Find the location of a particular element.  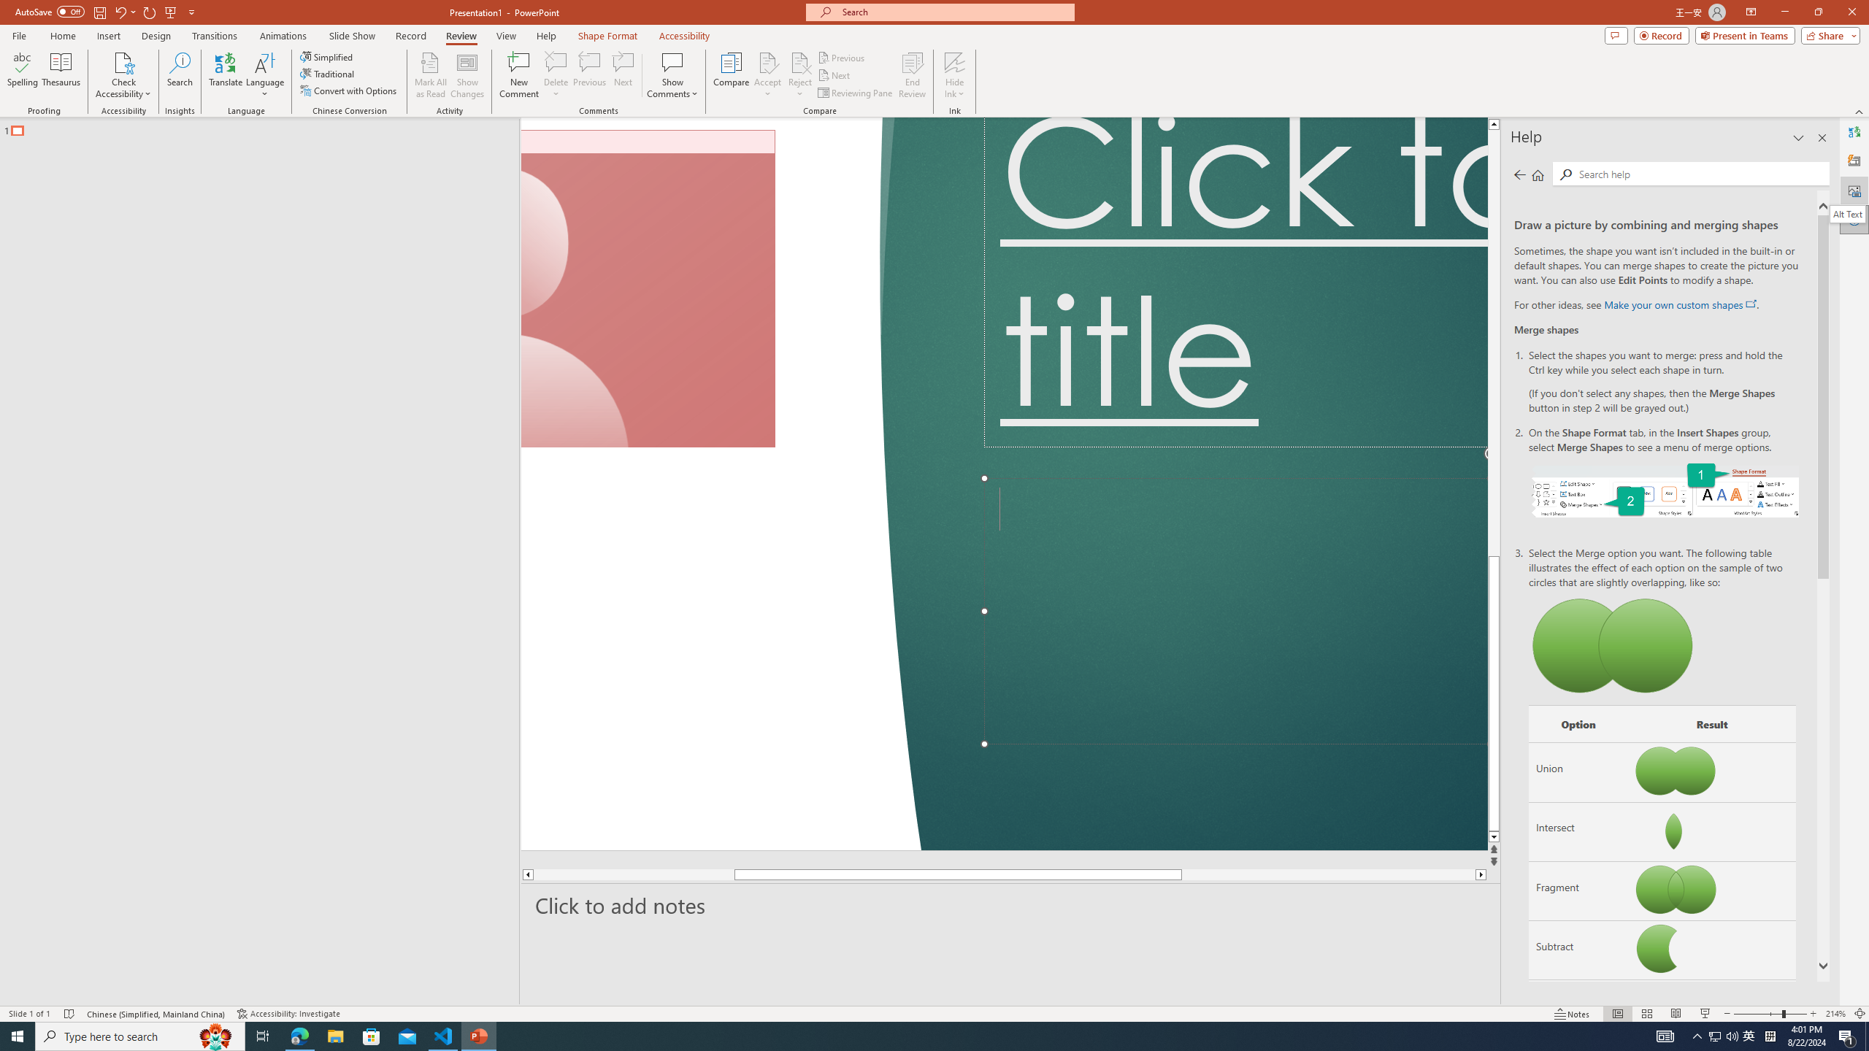

'Accessibility Checker Accessibility: Investigate' is located at coordinates (291, 1014).